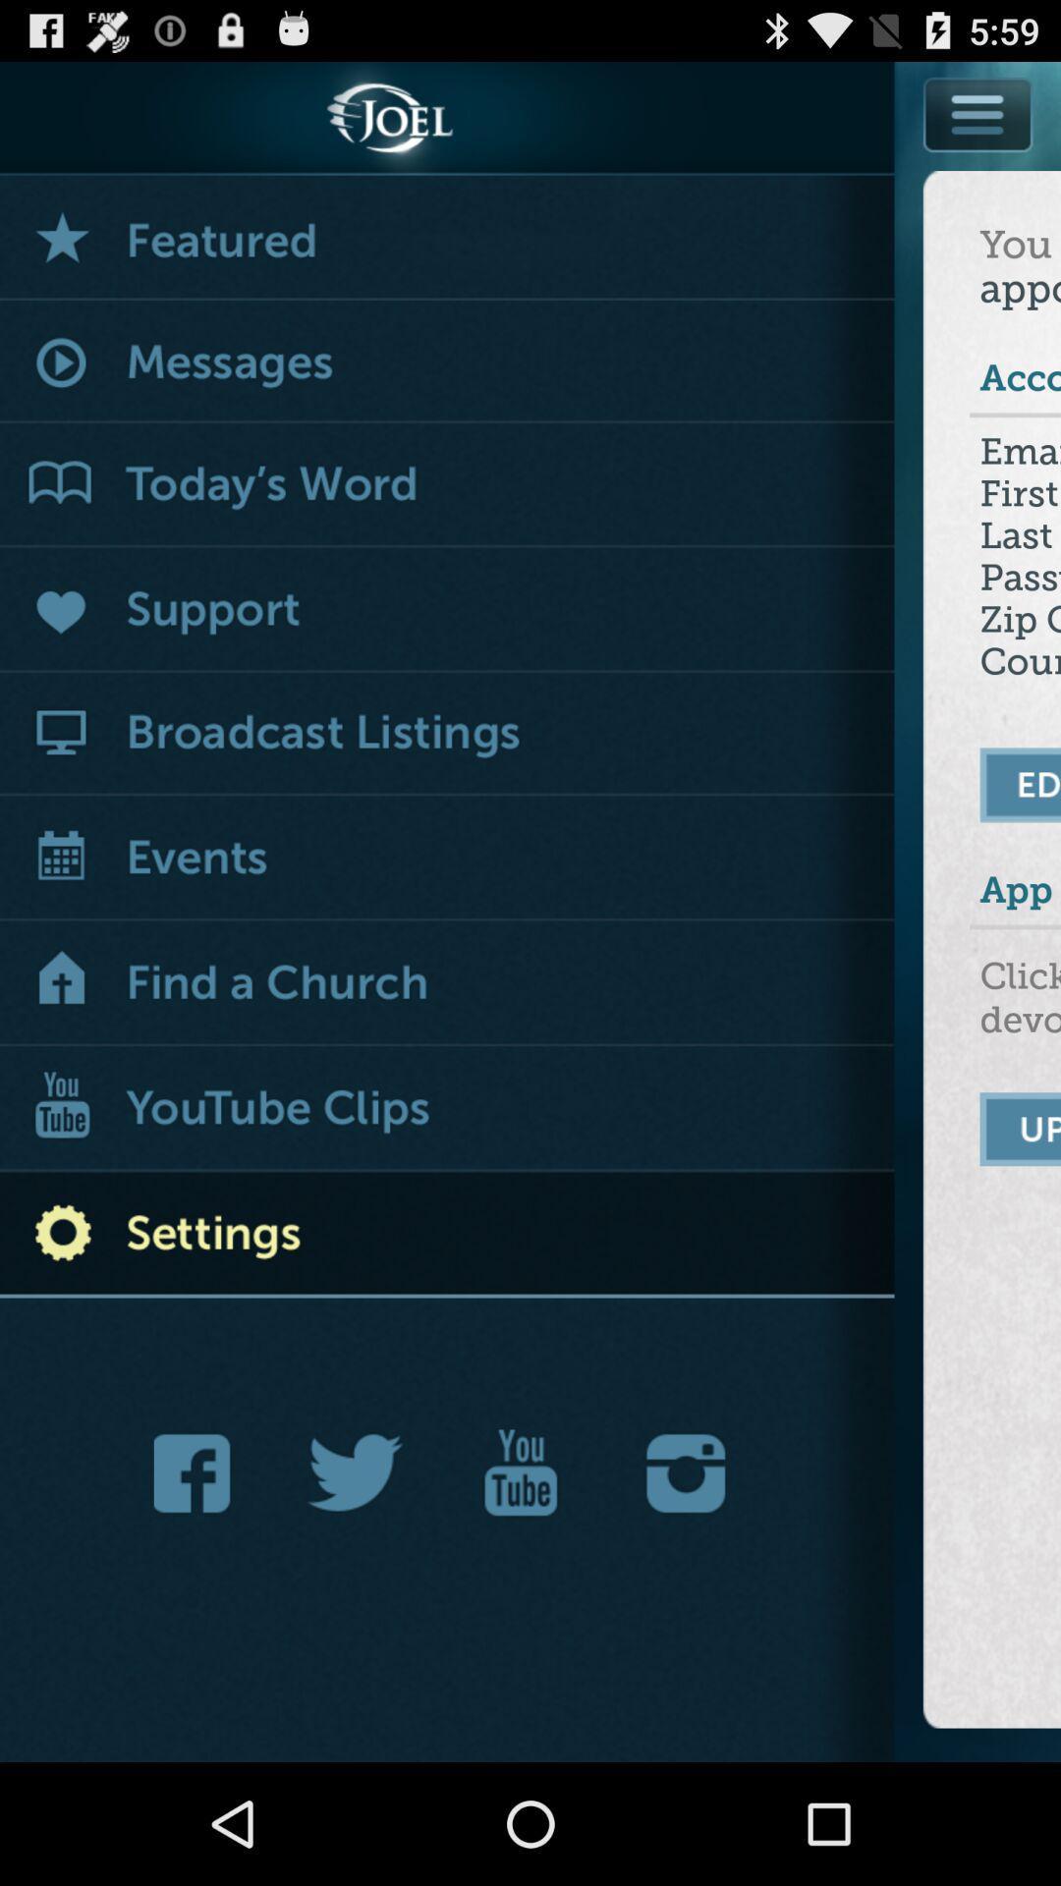 The height and width of the screenshot is (1886, 1061). Describe the element at coordinates (356, 1577) in the screenshot. I see `the twitter icon` at that location.